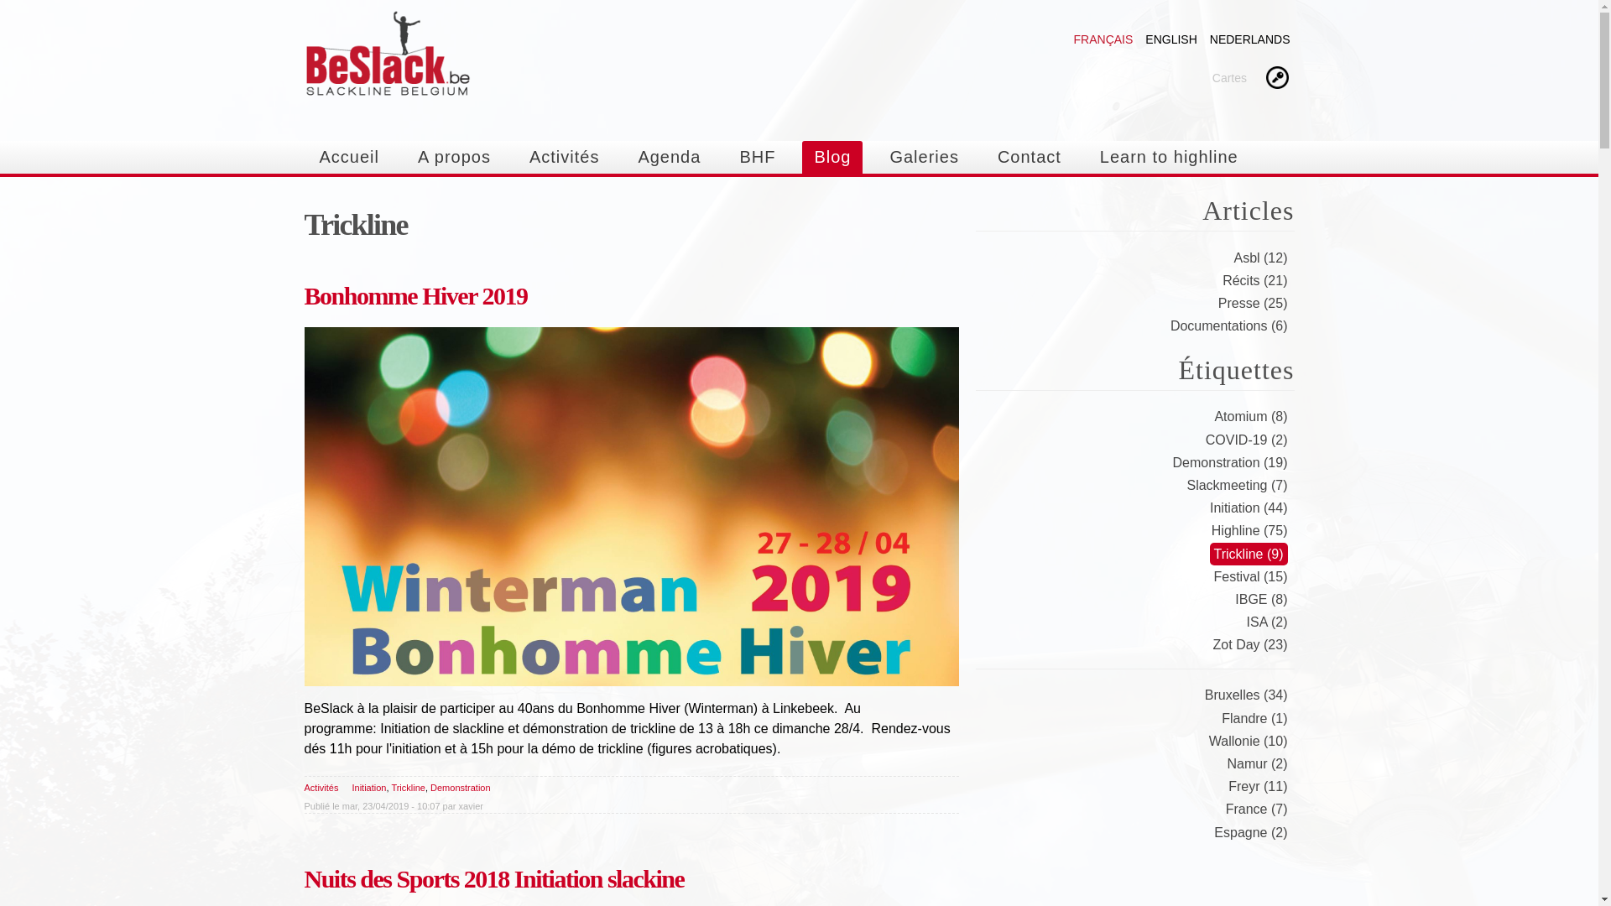 The image size is (1611, 906). What do you see at coordinates (1170, 38) in the screenshot?
I see `'ENGLISH'` at bounding box center [1170, 38].